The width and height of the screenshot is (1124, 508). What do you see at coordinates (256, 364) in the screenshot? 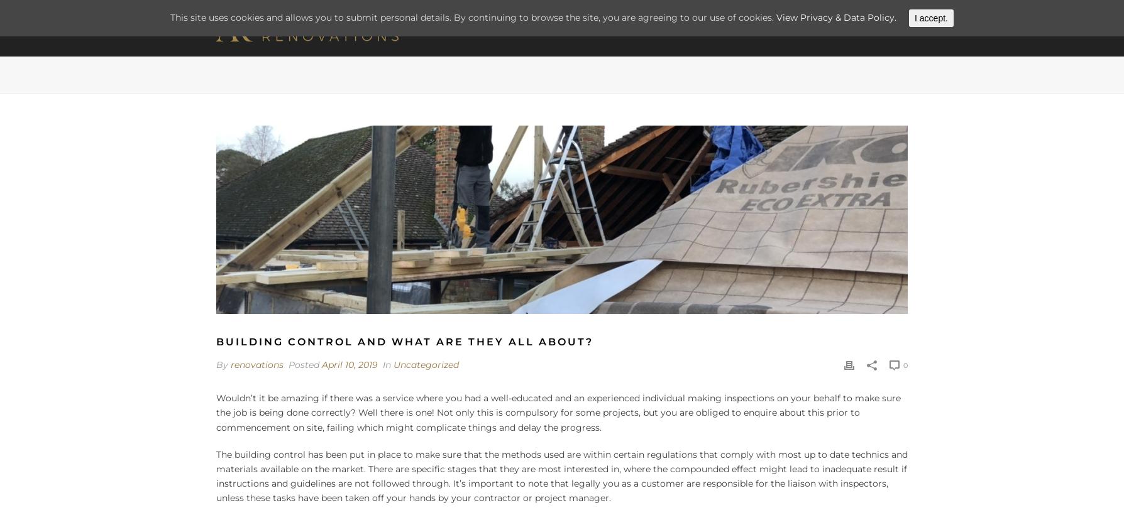
I see `'renovations'` at bounding box center [256, 364].